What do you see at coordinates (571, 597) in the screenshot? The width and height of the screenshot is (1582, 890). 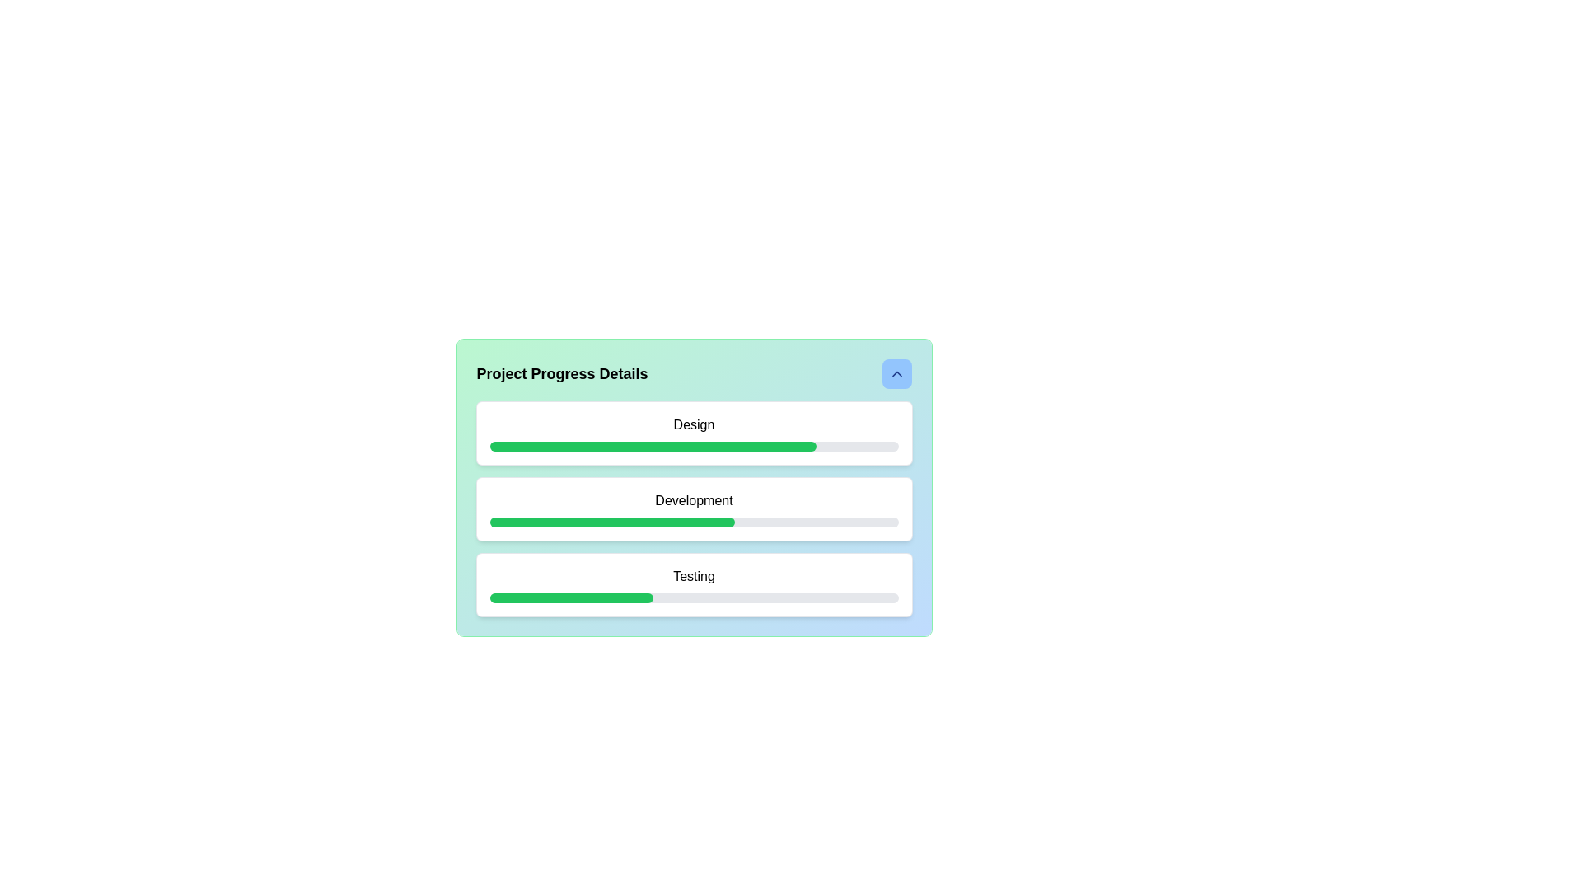 I see `the green progress bar labeled 'Testing' which is the third progress bar in the vertical list within the 'Project Progress Details' box` at bounding box center [571, 597].